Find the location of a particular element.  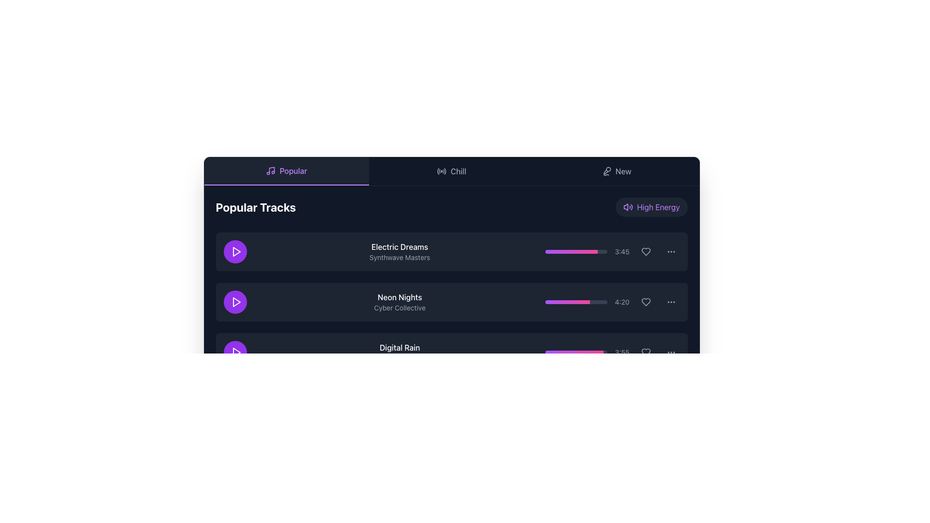

the decorative graphic element of the music note icon located next to the 'Popular' tab in the upper navigation bar is located at coordinates (271, 169).